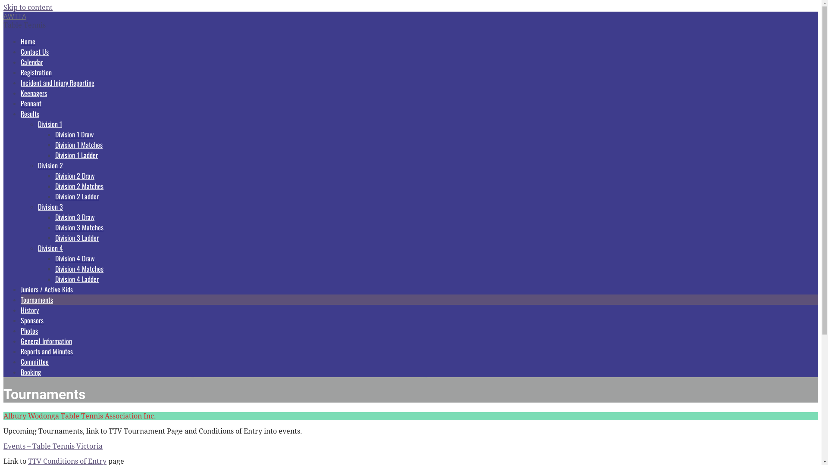  I want to click on 'Division 3 Ladder', so click(55, 237).